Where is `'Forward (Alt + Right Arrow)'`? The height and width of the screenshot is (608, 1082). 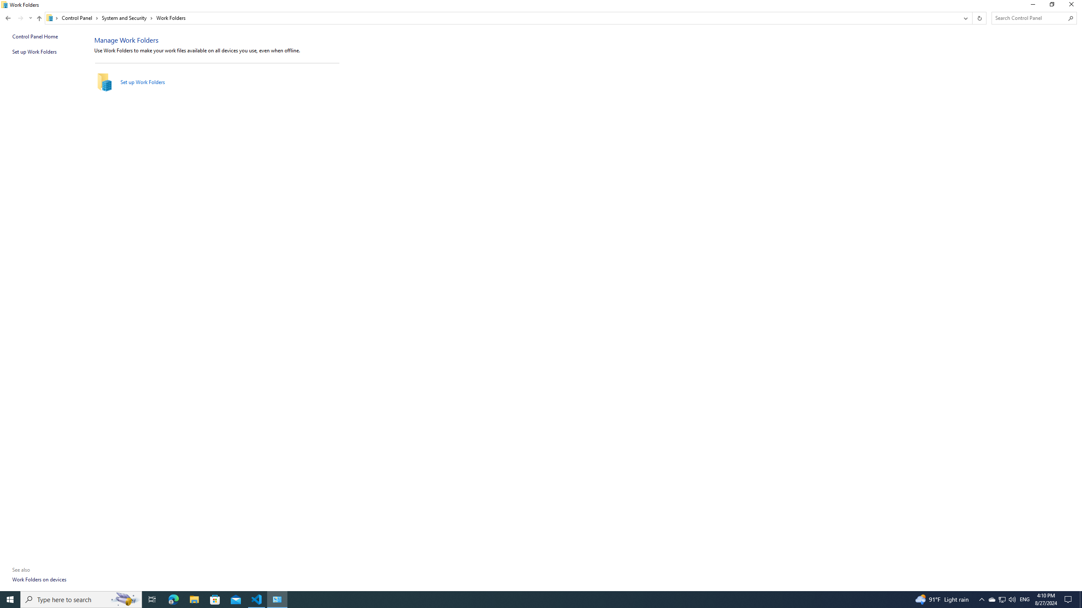 'Forward (Alt + Right Arrow)' is located at coordinates (20, 18).